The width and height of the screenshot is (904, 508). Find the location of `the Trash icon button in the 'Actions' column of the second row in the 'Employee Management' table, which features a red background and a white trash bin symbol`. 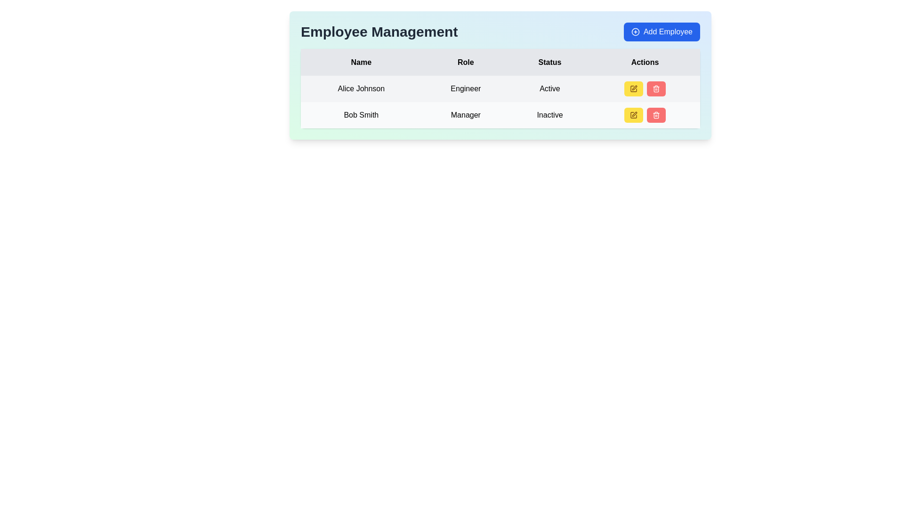

the Trash icon button in the 'Actions' column of the second row in the 'Employee Management' table, which features a red background and a white trash bin symbol is located at coordinates (655, 115).